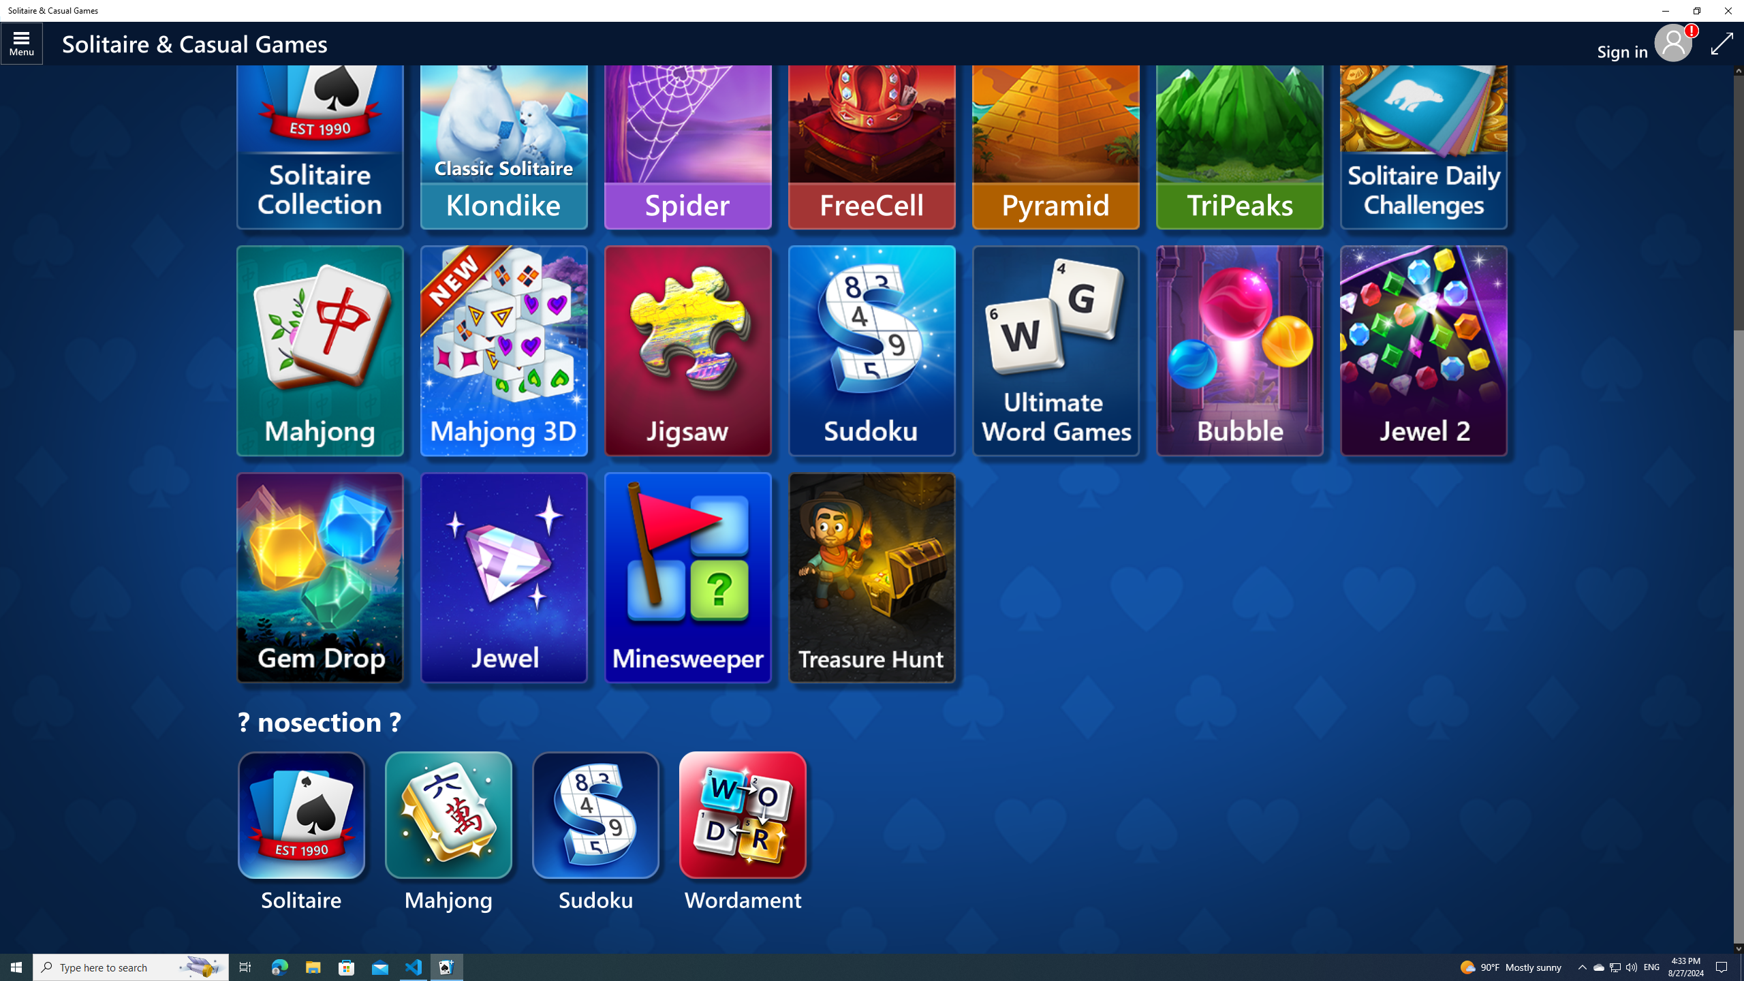 Image resolution: width=1744 pixels, height=981 pixels. I want to click on 'Microsoft Sudoku', so click(872, 349).